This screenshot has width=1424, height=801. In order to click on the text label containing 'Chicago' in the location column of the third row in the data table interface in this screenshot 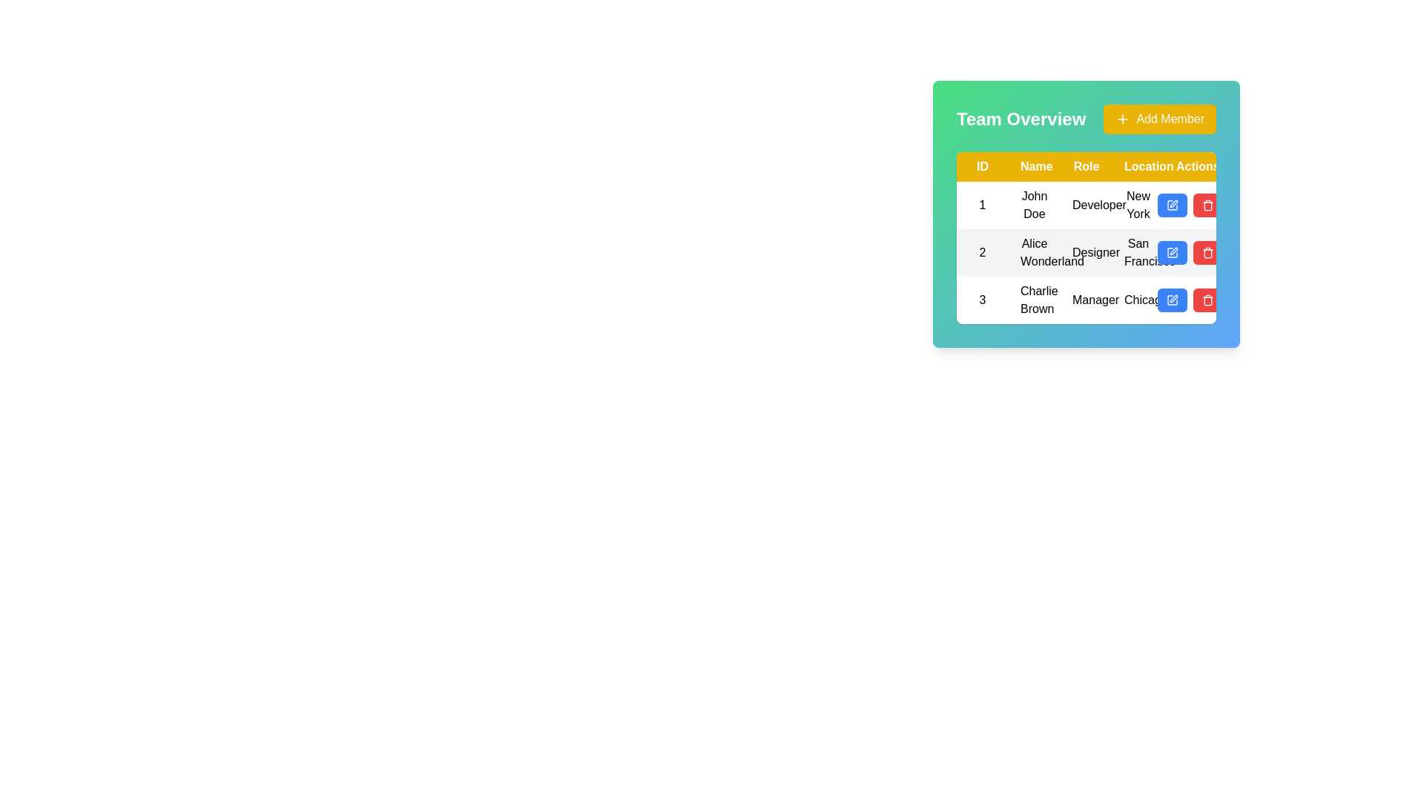, I will do `click(1138, 300)`.